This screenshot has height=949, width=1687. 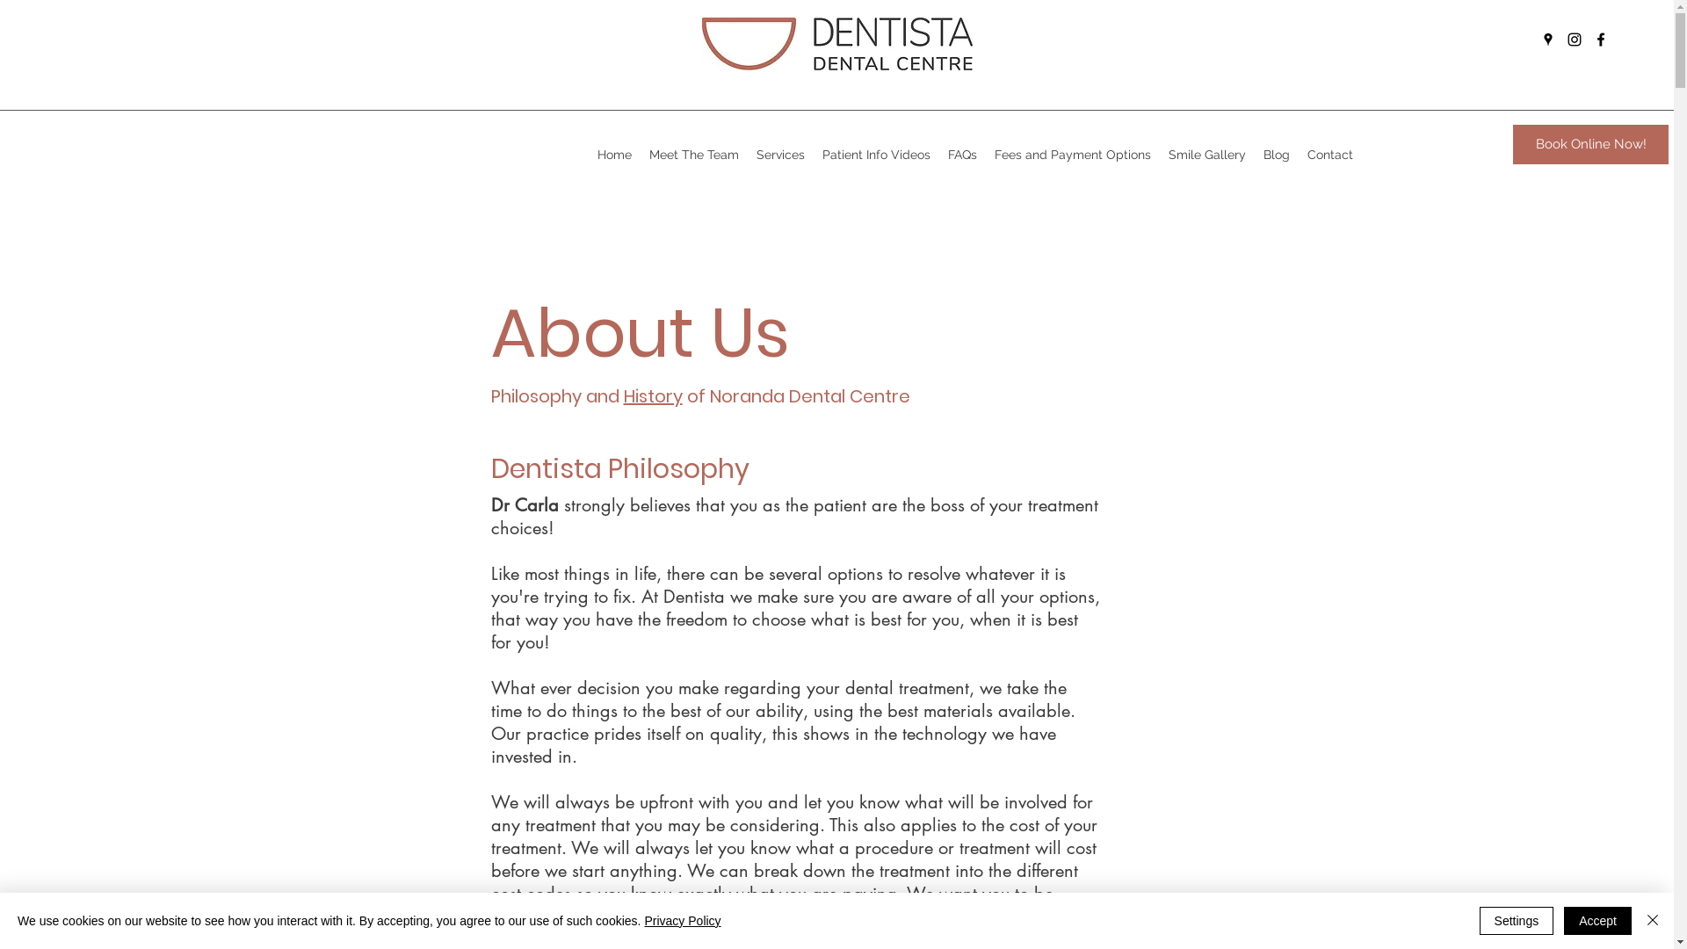 I want to click on 'Privacy Policy', so click(x=681, y=920).